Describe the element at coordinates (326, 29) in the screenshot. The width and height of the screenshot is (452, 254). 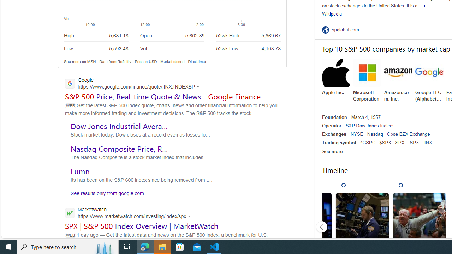
I see `'Official Site'` at that location.